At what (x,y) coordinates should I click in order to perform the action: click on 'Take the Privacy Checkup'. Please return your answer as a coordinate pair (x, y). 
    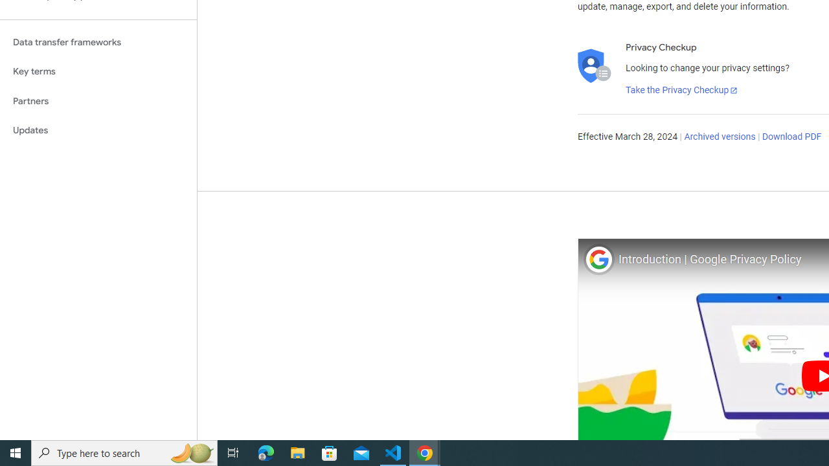
    Looking at the image, I should click on (681, 90).